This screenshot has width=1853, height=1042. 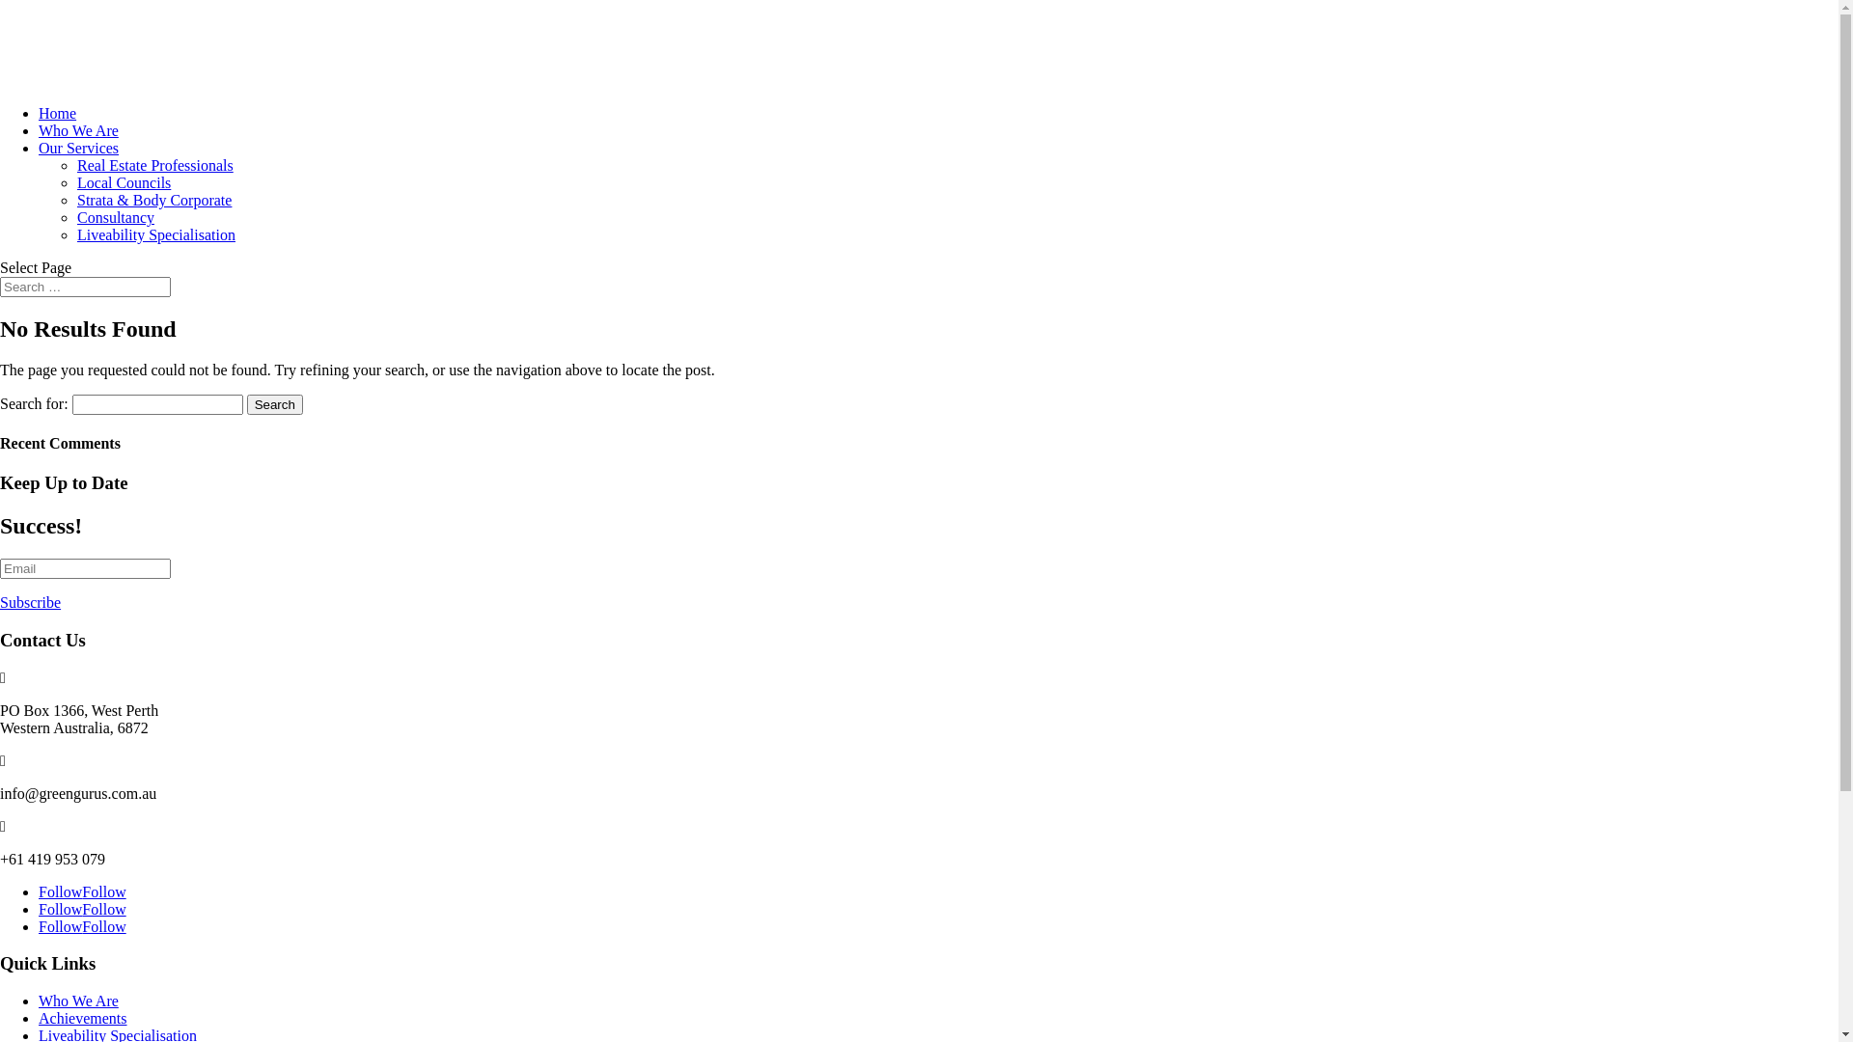 I want to click on 'Subscribe', so click(x=30, y=601).